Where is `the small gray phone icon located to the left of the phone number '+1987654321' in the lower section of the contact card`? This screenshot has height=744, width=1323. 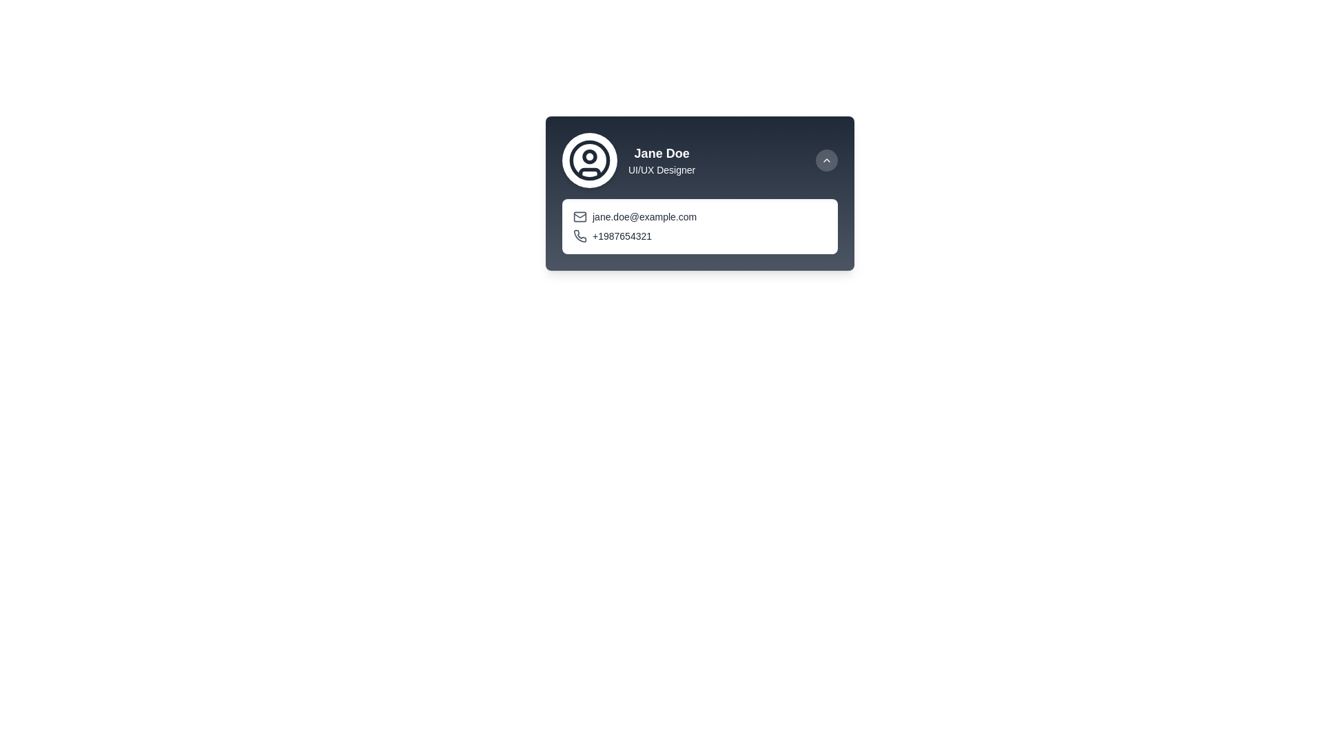 the small gray phone icon located to the left of the phone number '+1987654321' in the lower section of the contact card is located at coordinates (580, 236).